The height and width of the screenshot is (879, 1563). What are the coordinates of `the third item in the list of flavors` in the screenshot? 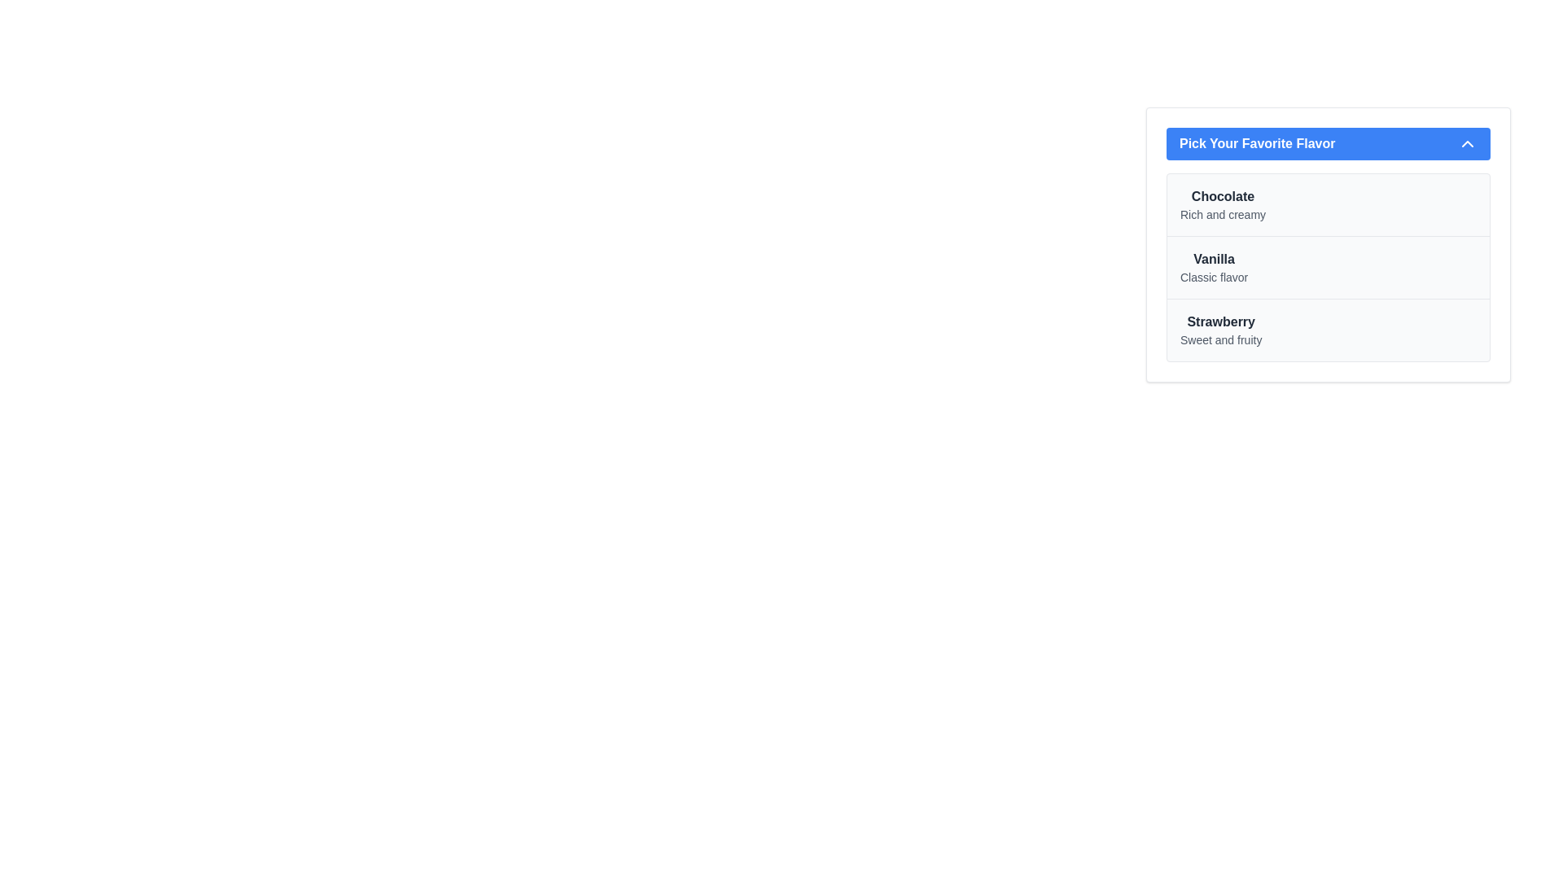 It's located at (1329, 330).